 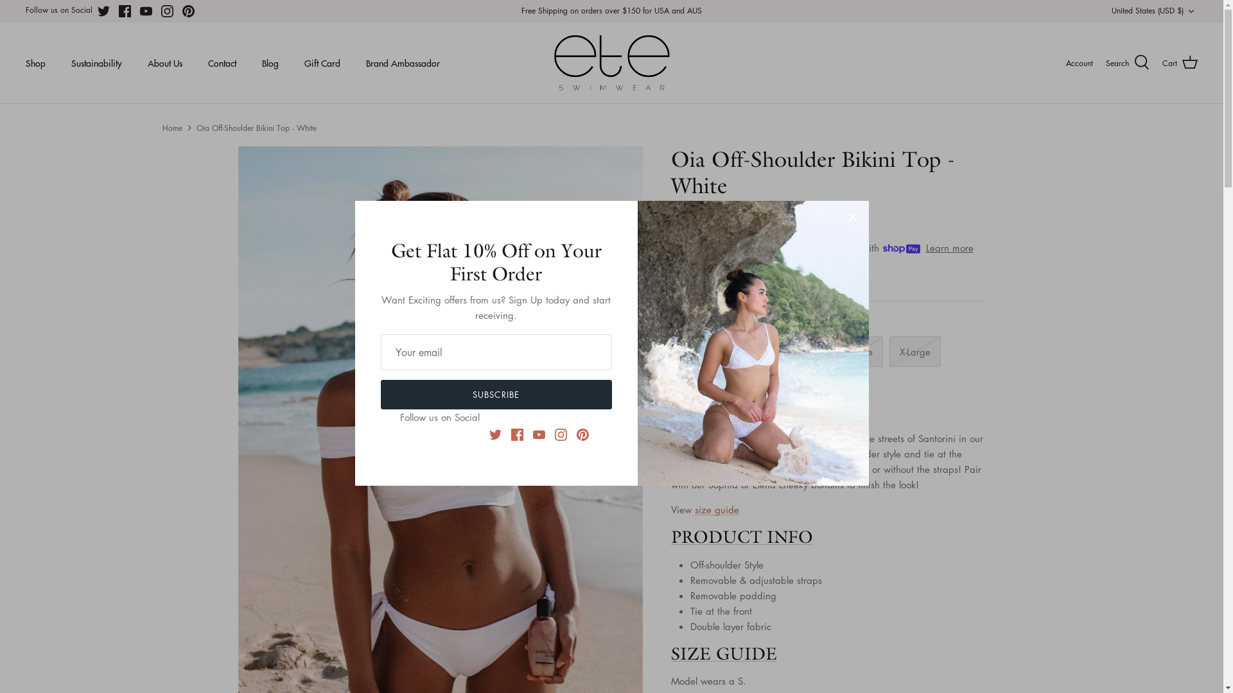 What do you see at coordinates (292, 63) in the screenshot?
I see `'Gift Card'` at bounding box center [292, 63].